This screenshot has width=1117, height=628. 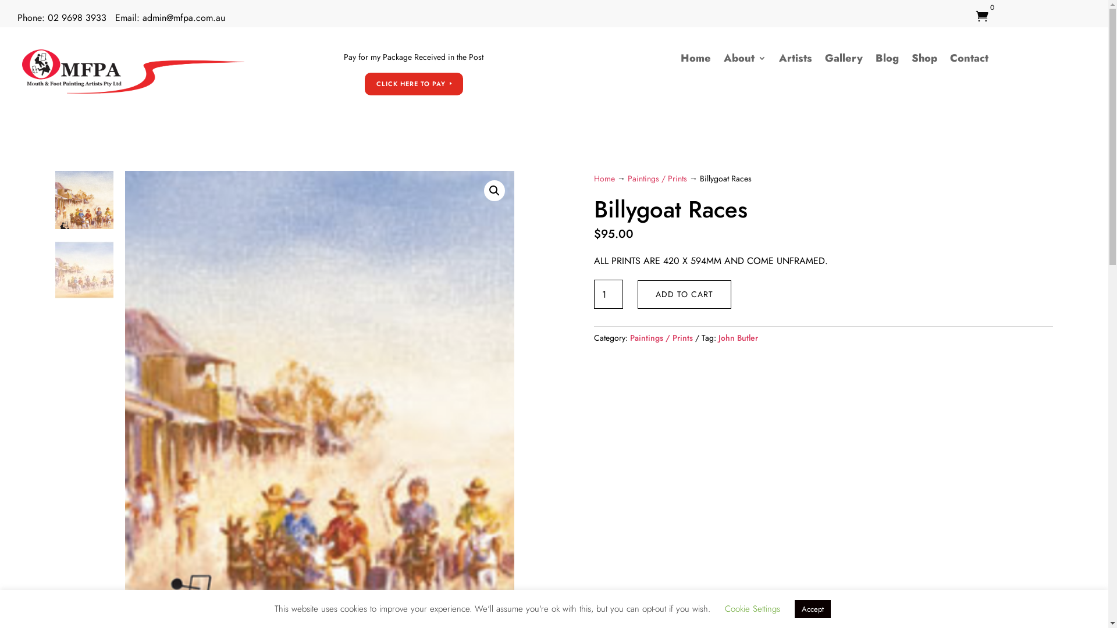 I want to click on 'Shop', so click(x=923, y=60).